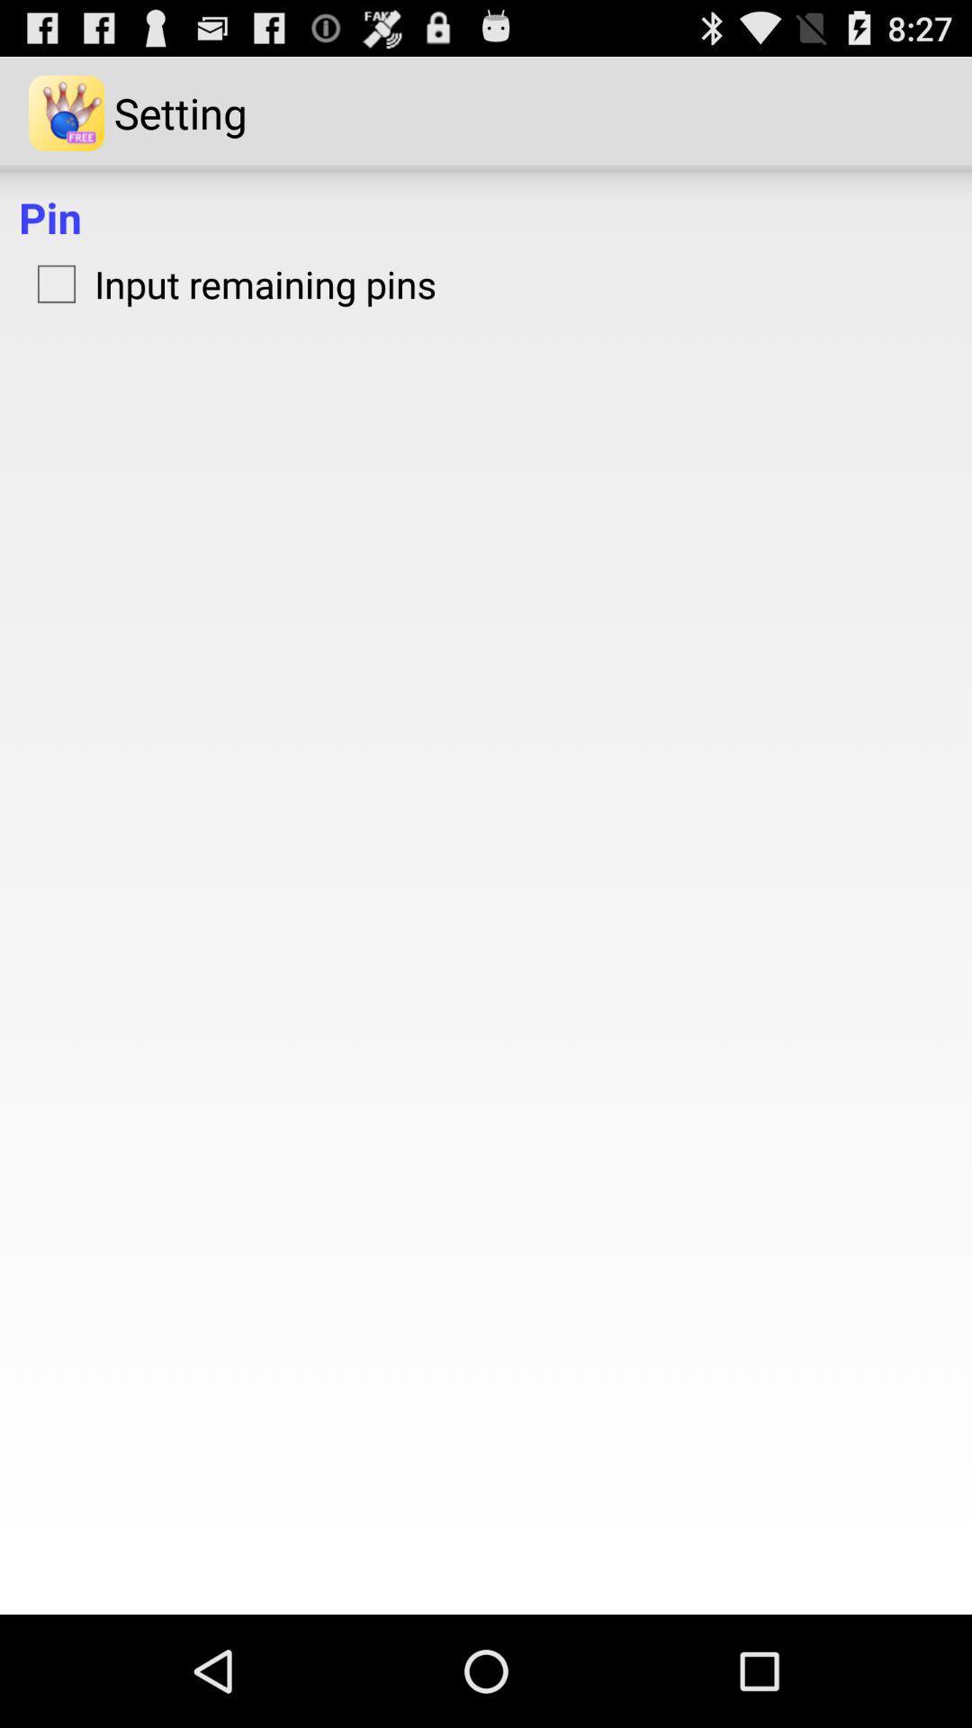 The image size is (972, 1728). Describe the element at coordinates (227, 283) in the screenshot. I see `item below the pin icon` at that location.